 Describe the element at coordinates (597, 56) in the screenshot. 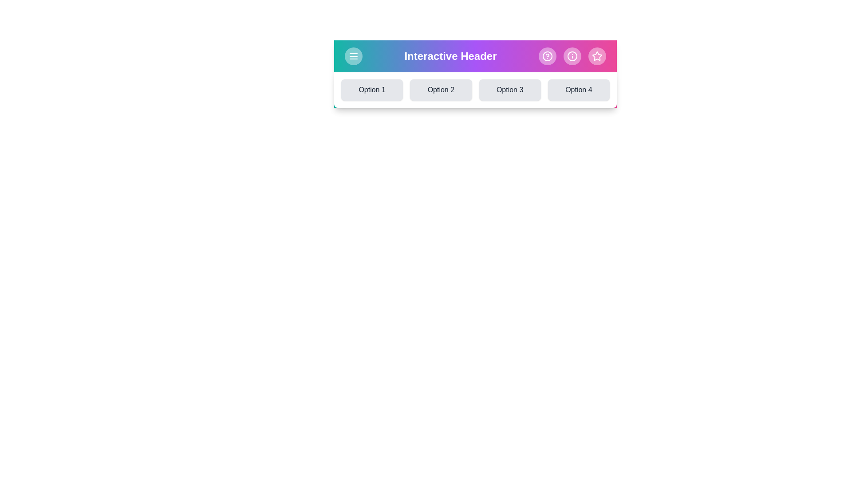

I see `the star icon to activate its functionality` at that location.